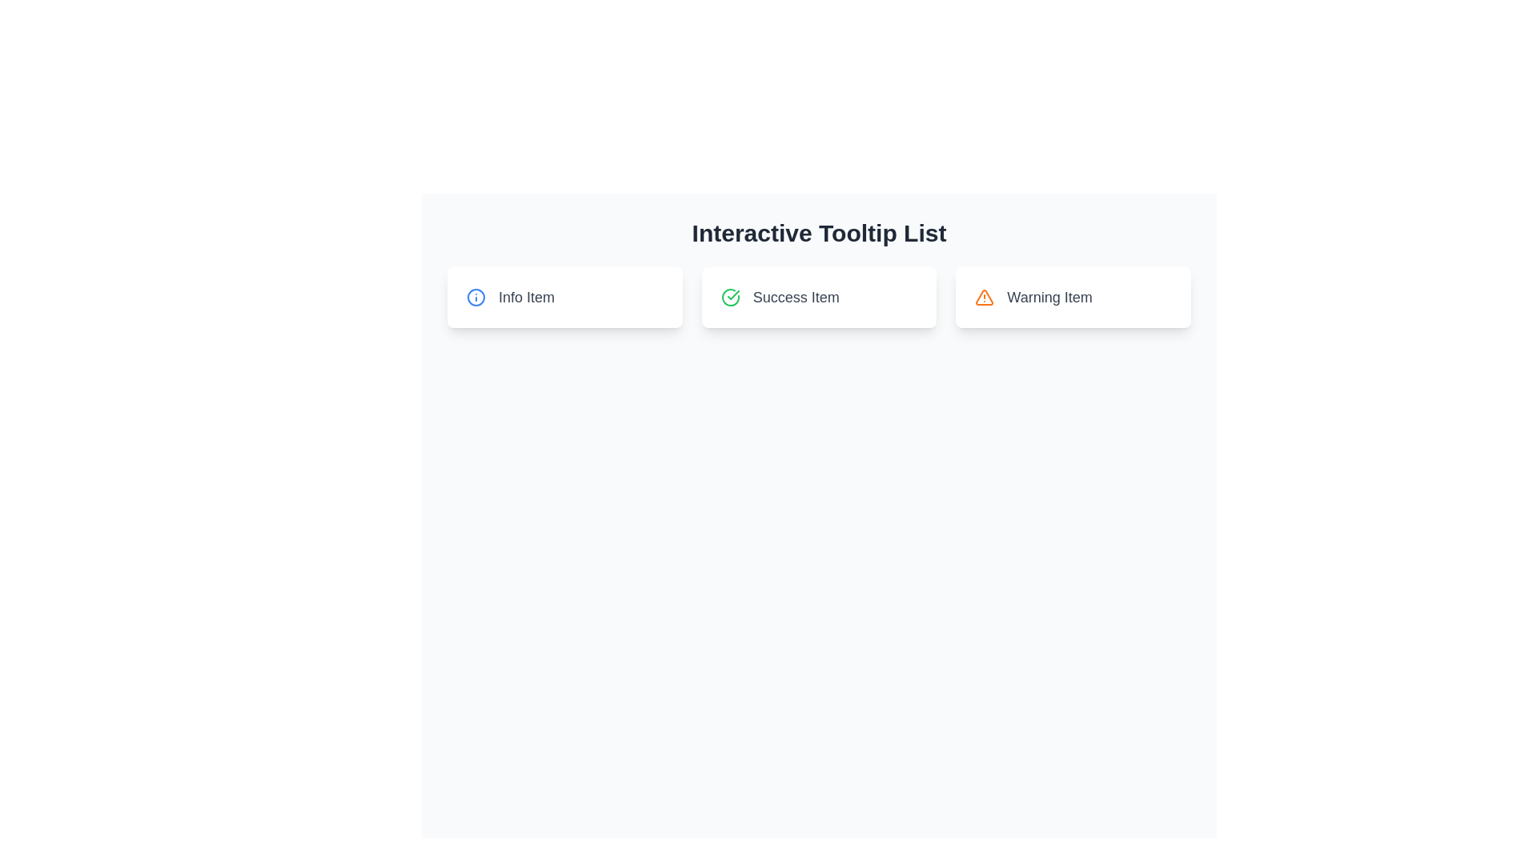 Image resolution: width=1537 pixels, height=864 pixels. I want to click on the 'Info Item' card in the Interactive Tooltip List, so click(819, 297).